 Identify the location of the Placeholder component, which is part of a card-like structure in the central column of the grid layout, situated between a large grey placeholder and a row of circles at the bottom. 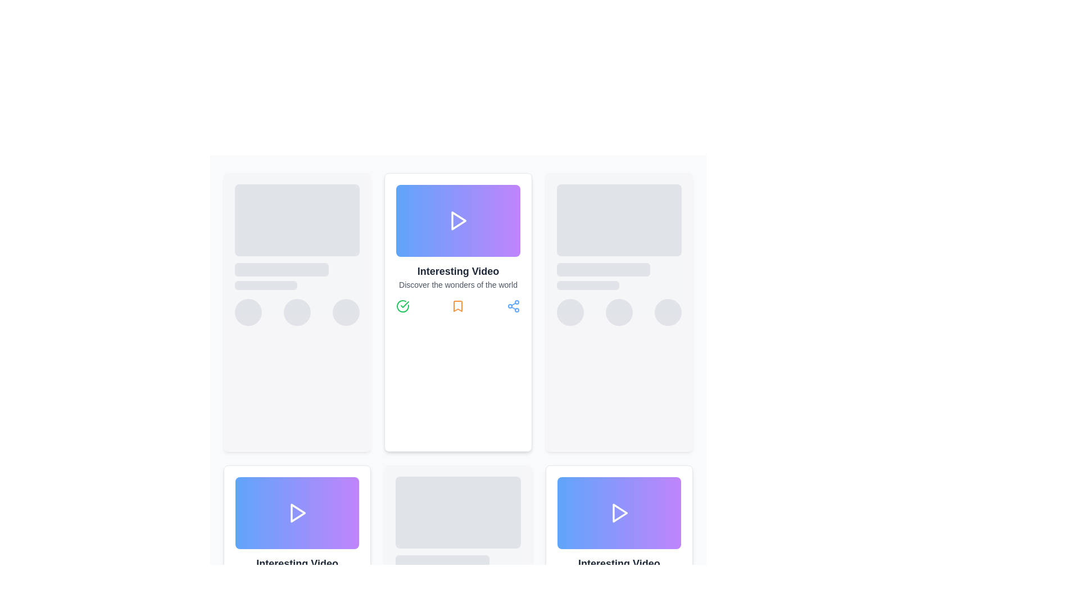
(297, 277).